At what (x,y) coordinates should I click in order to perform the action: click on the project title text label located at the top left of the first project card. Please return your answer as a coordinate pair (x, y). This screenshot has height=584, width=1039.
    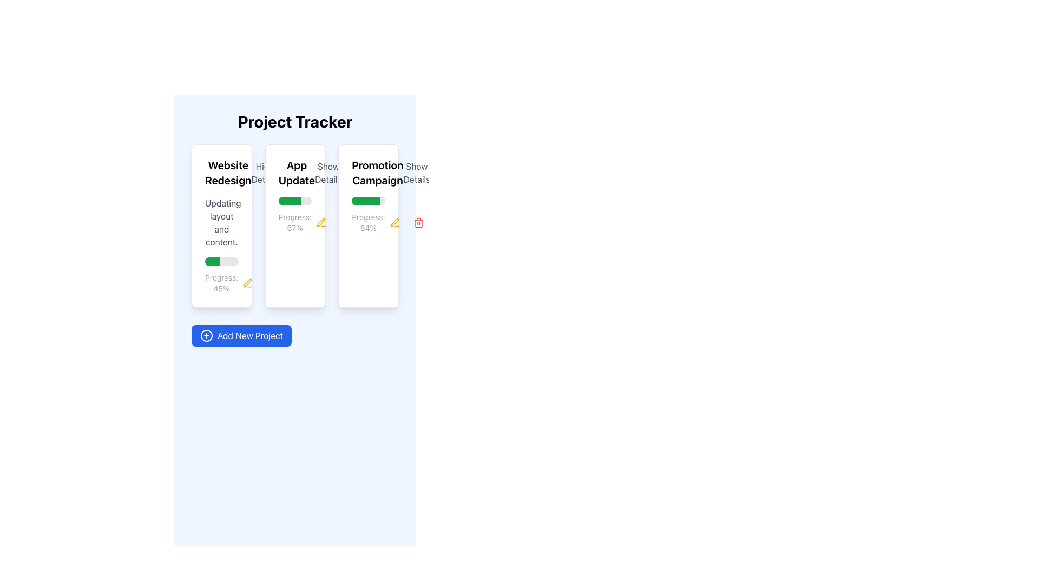
    Looking at the image, I should click on (221, 172).